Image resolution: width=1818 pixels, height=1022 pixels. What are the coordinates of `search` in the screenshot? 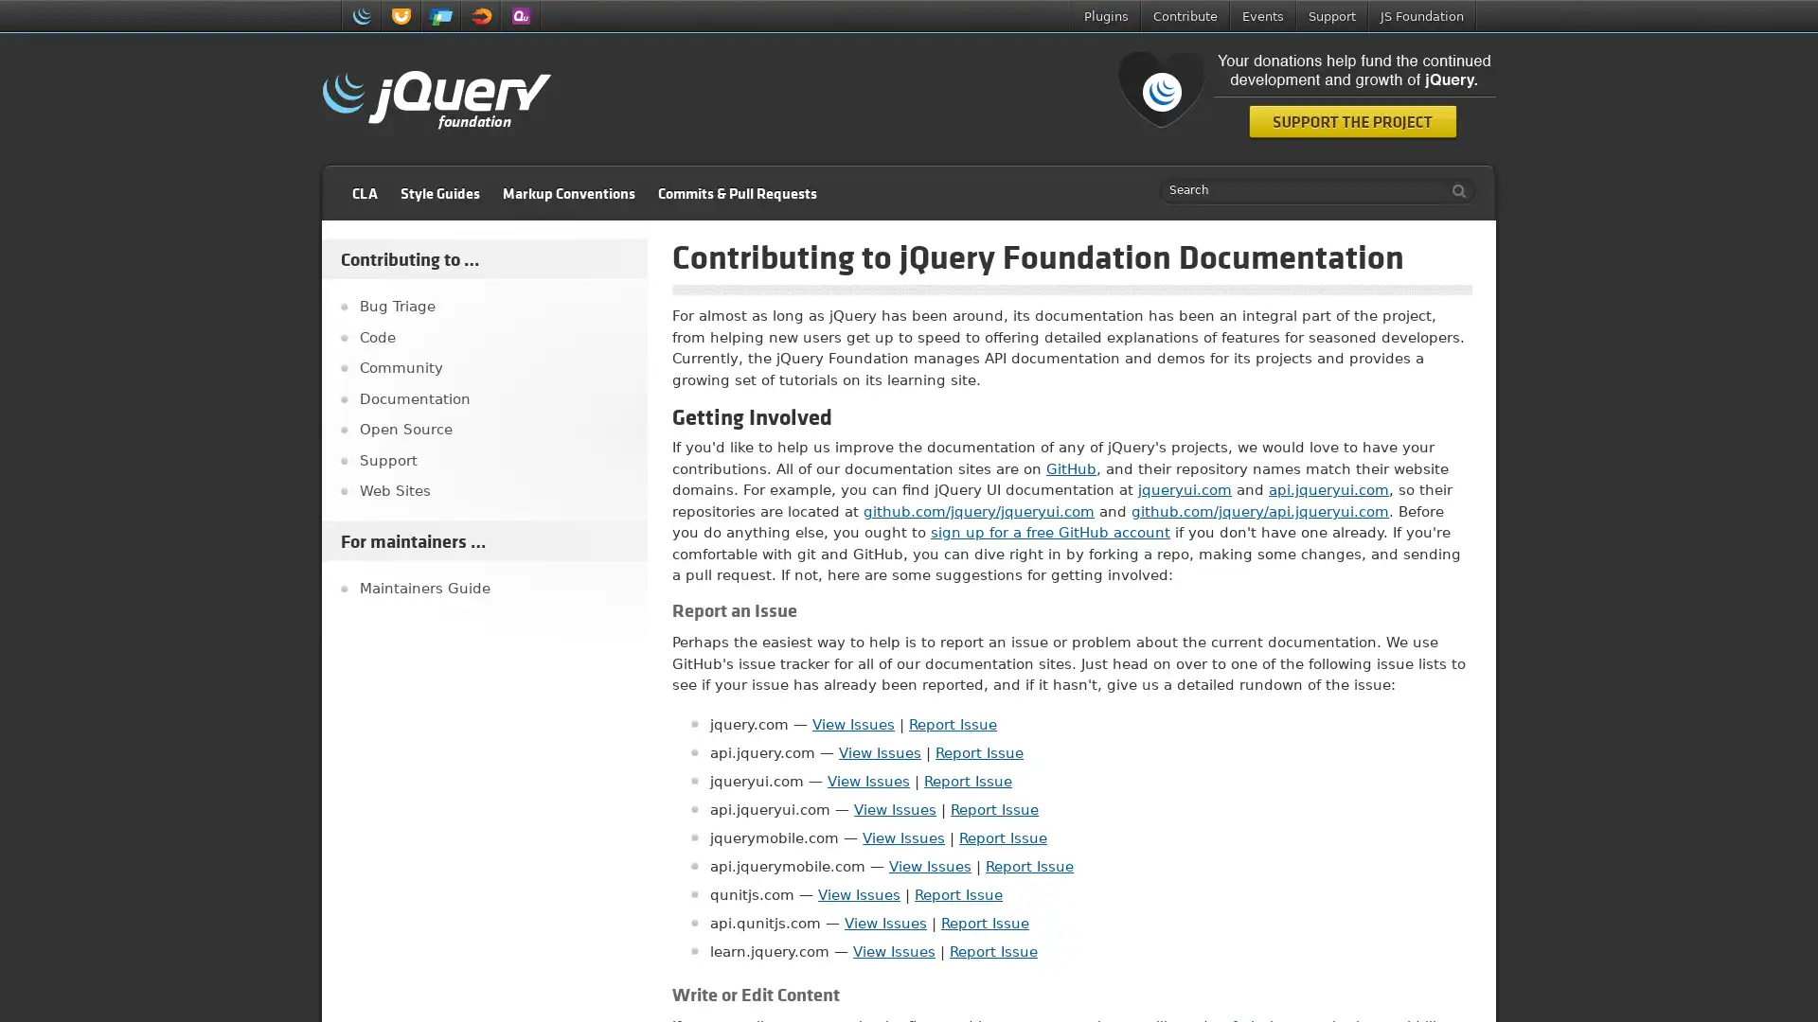 It's located at (1453, 190).